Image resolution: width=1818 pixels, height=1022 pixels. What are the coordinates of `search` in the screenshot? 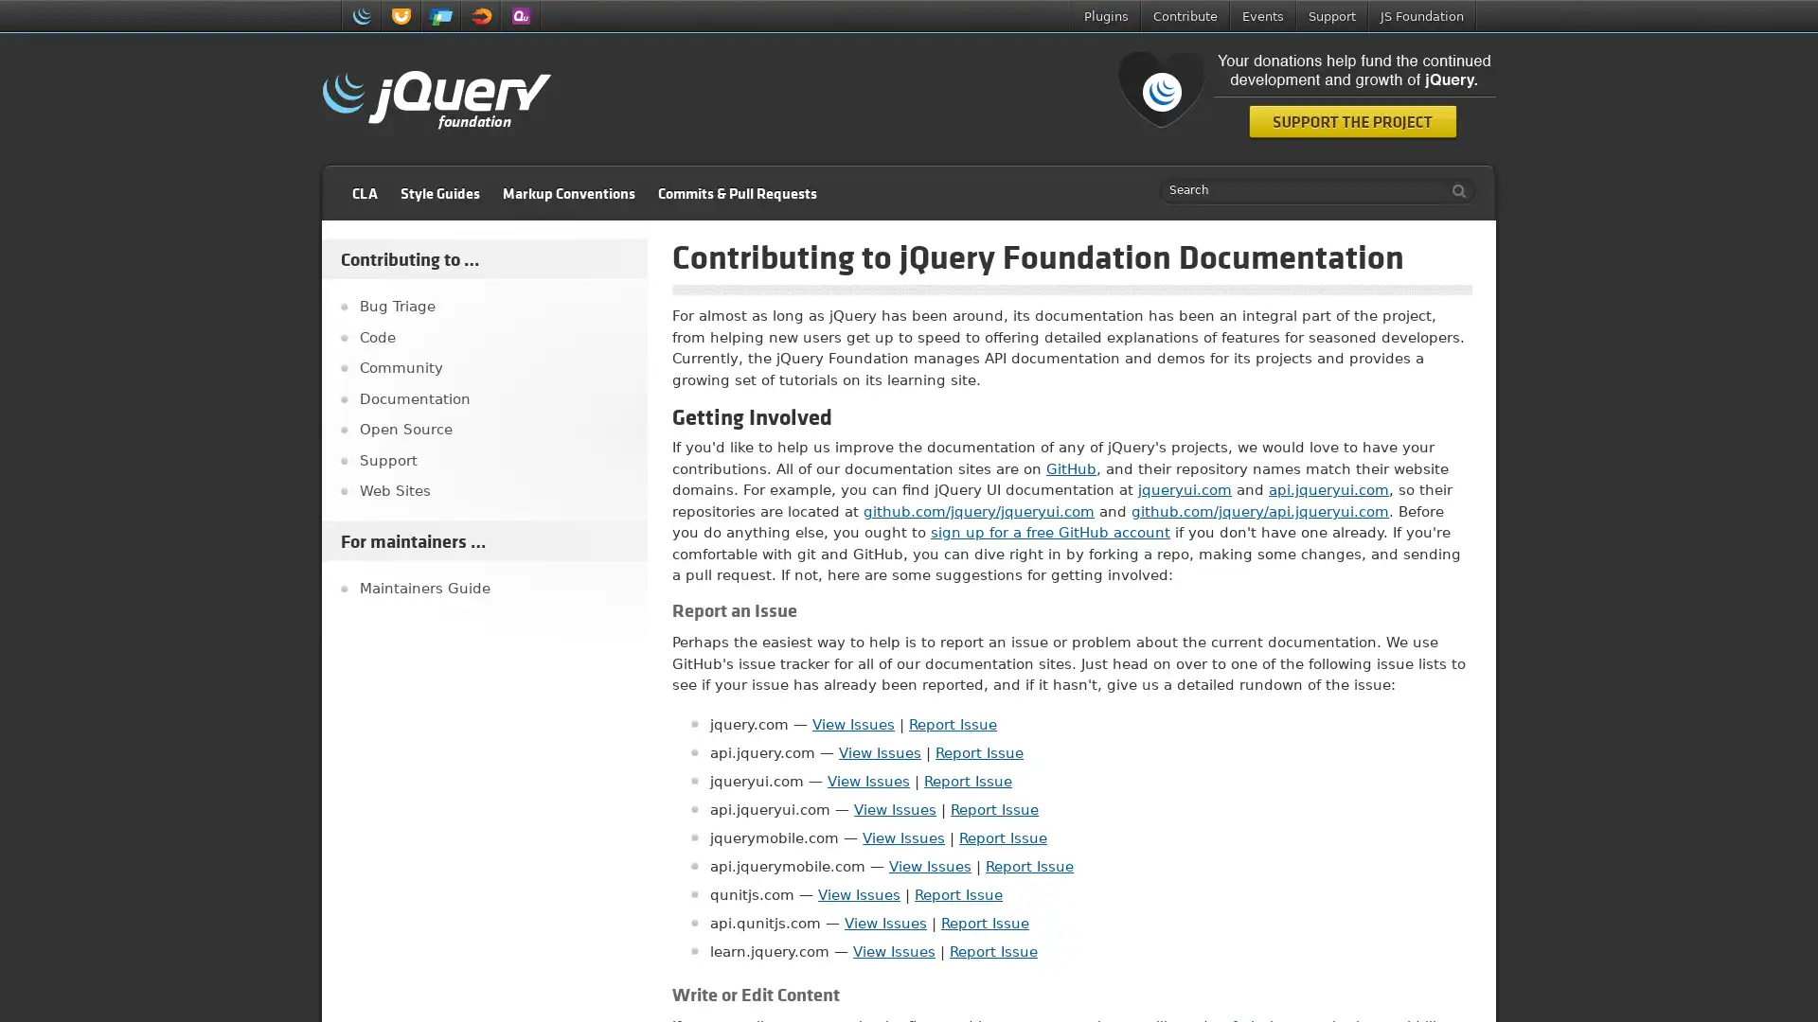 It's located at (1453, 190).